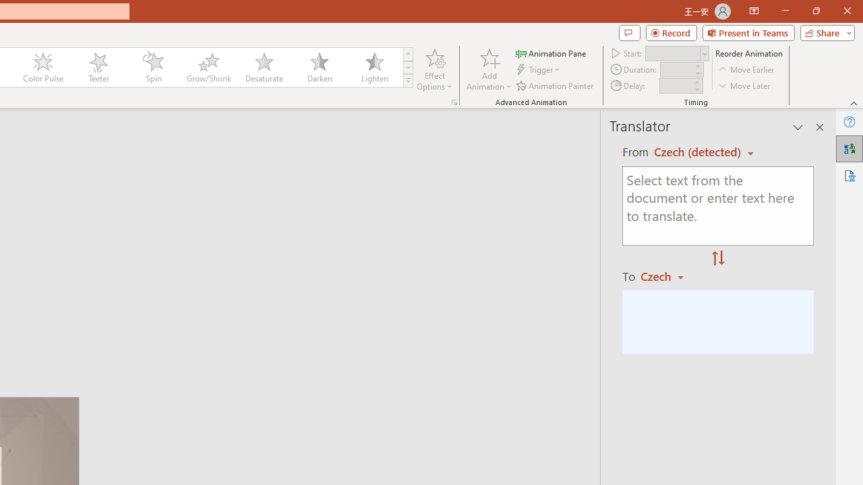 This screenshot has height=485, width=863. Describe the element at coordinates (717, 259) in the screenshot. I see `'Swap "from" and "to" languages.'` at that location.